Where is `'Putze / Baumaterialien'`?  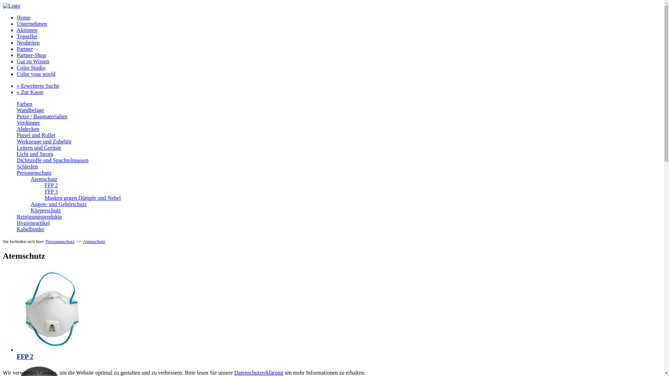
'Putze / Baumaterialien' is located at coordinates (17, 116).